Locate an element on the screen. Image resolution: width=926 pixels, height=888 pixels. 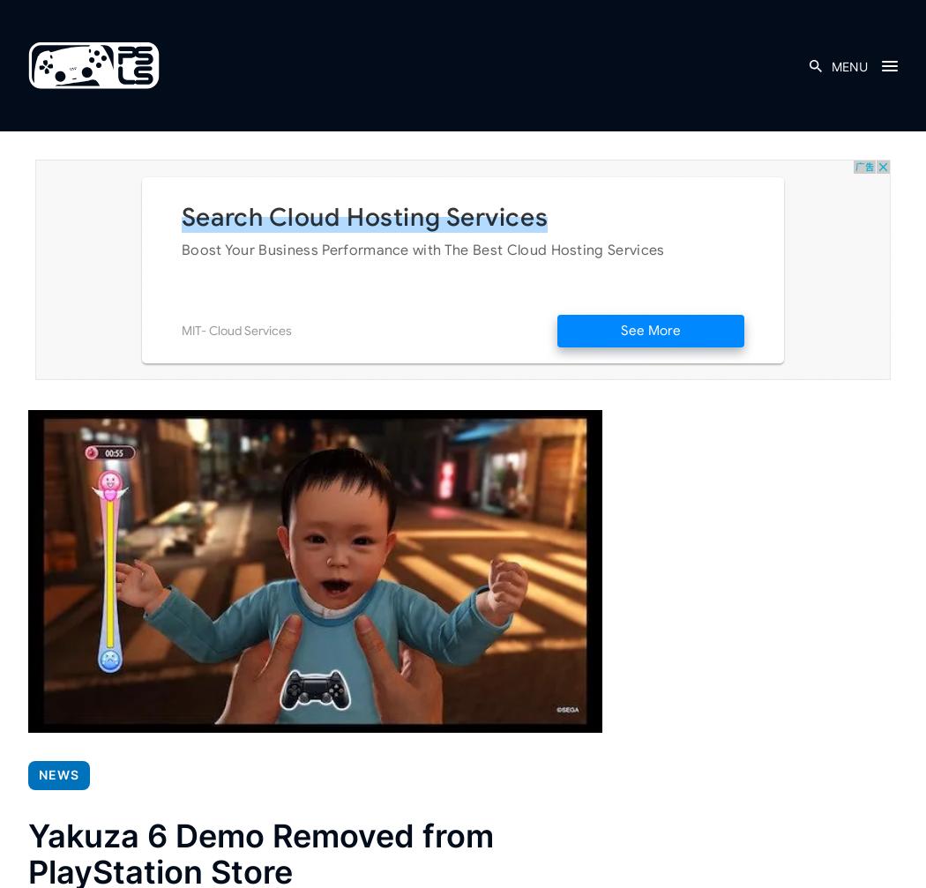
'Like a Dragon Gaiden Originally Planned as DLC' is located at coordinates (113, 532).